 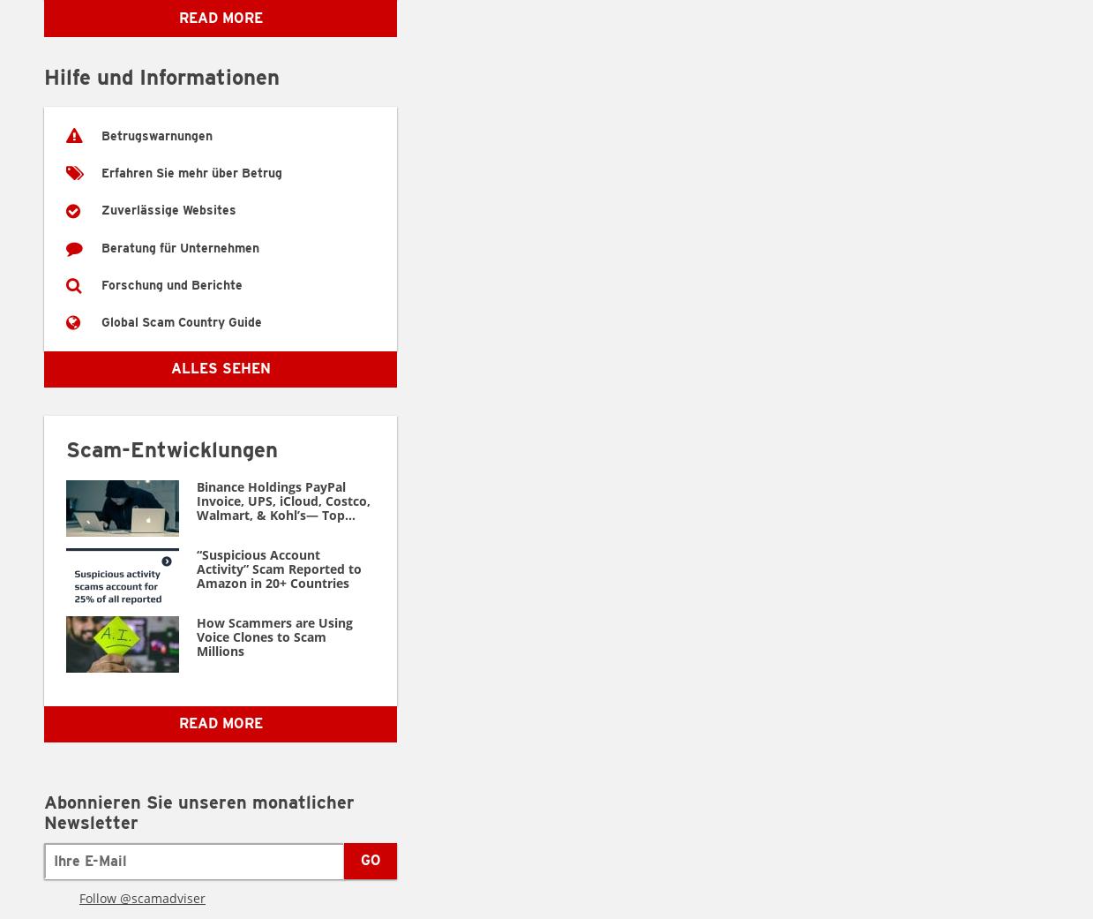 What do you see at coordinates (196, 635) in the screenshot?
I see `'How Scammers are Using Voice Clones to Scam Millions'` at bounding box center [196, 635].